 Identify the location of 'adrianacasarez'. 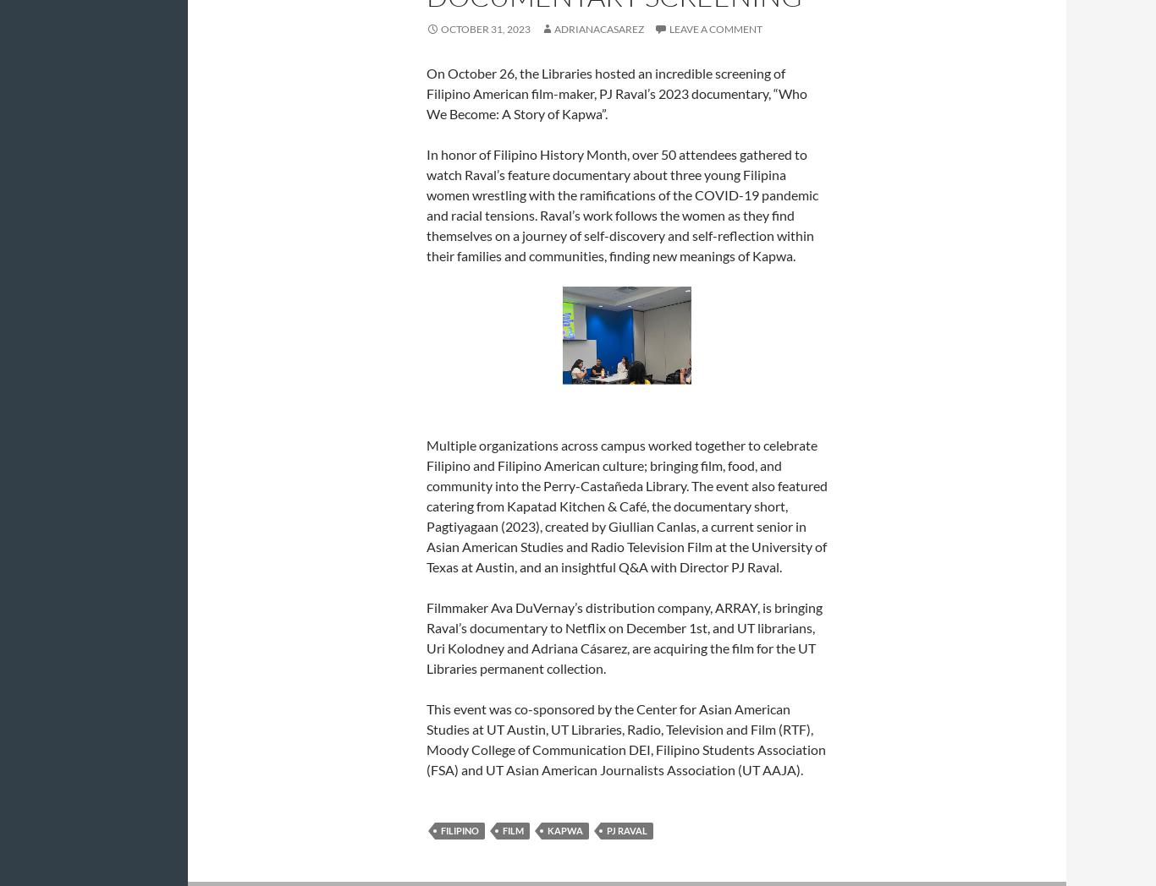
(598, 27).